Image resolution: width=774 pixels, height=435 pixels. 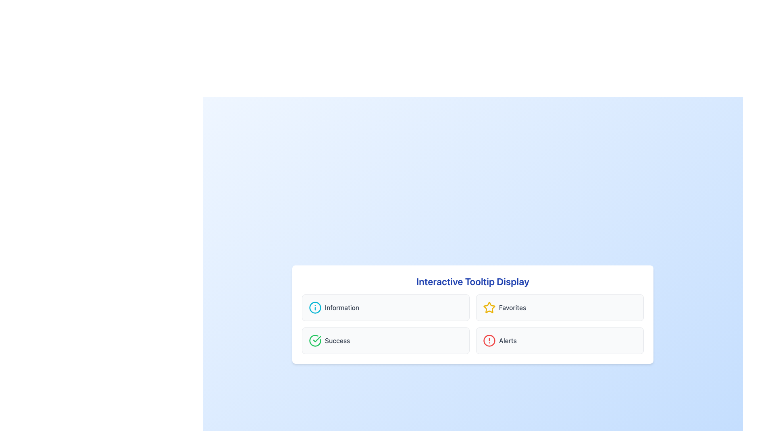 I want to click on the 'Information' text label located in the top-left cell of the grid, positioned to the right of the cyan-colored information icon, so click(x=342, y=307).